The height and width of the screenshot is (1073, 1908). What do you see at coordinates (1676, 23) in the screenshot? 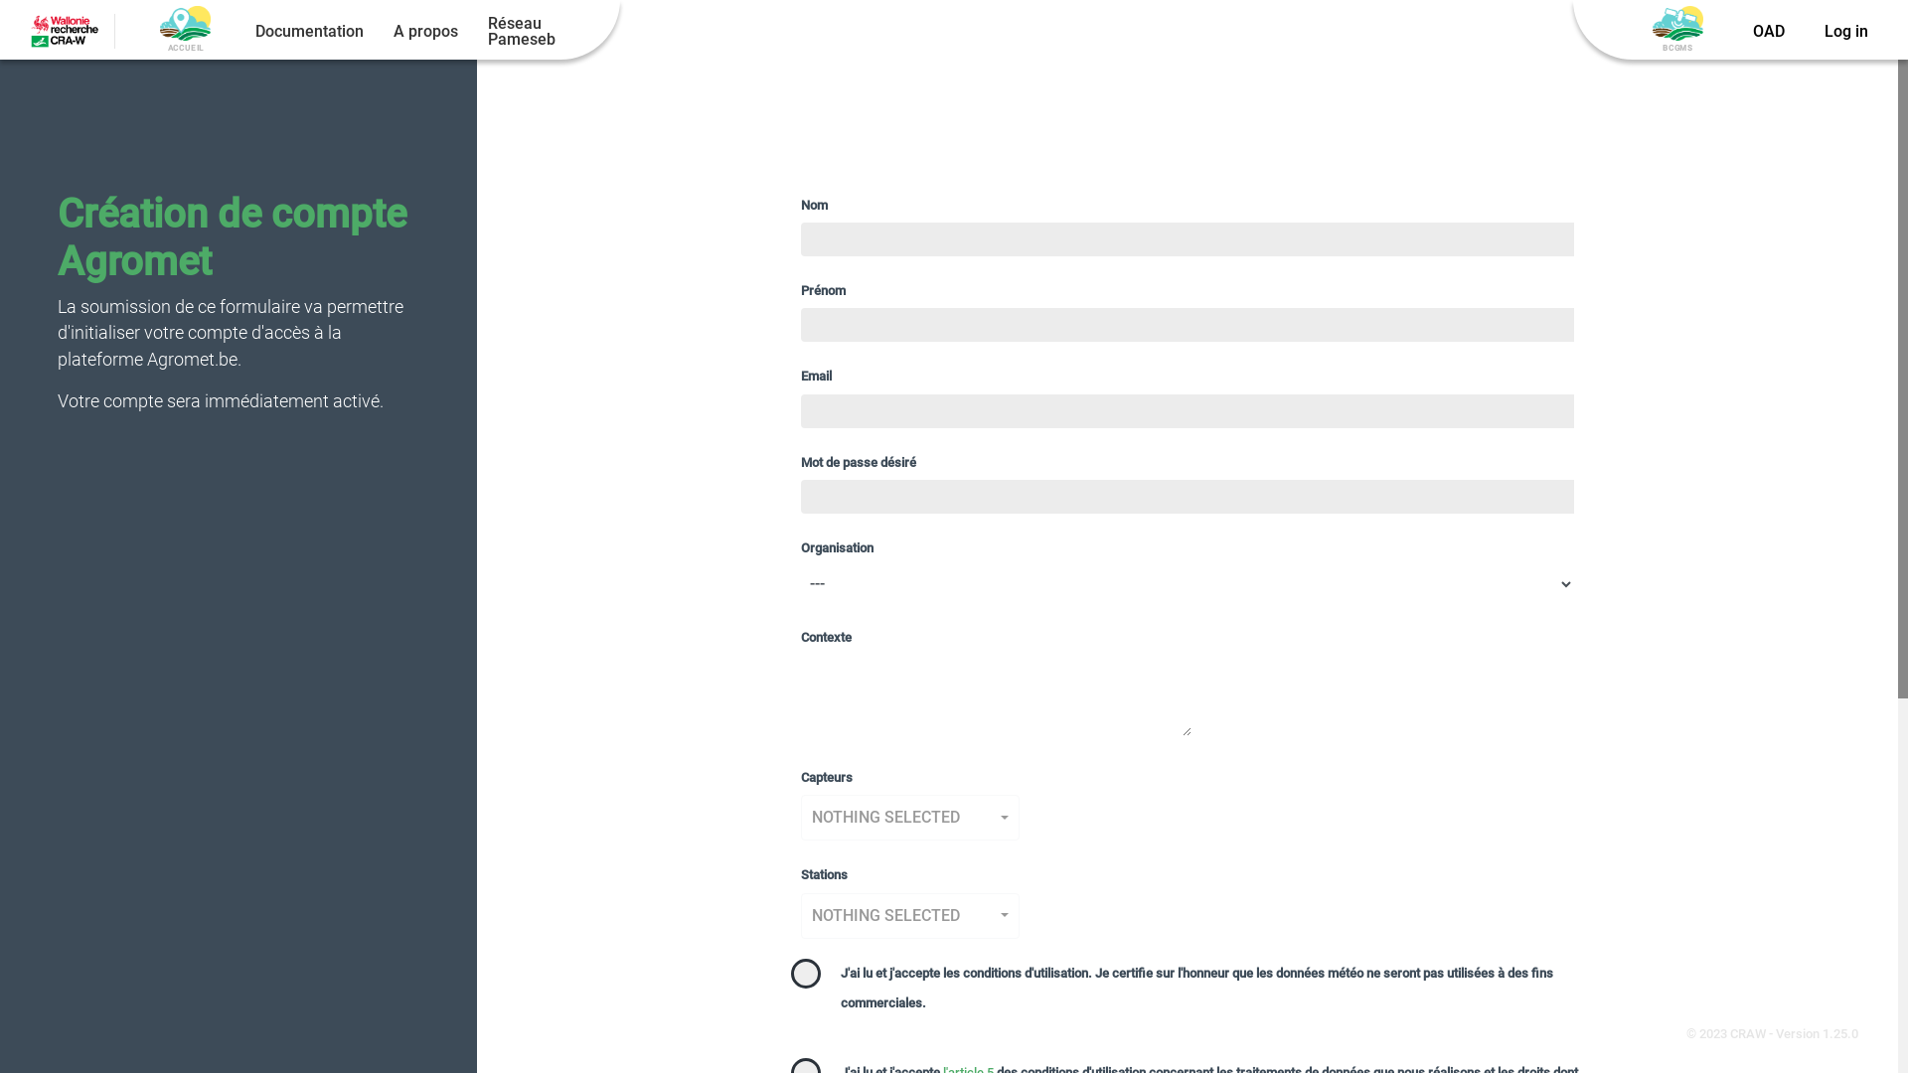
I see `'B-CGMS'` at bounding box center [1676, 23].